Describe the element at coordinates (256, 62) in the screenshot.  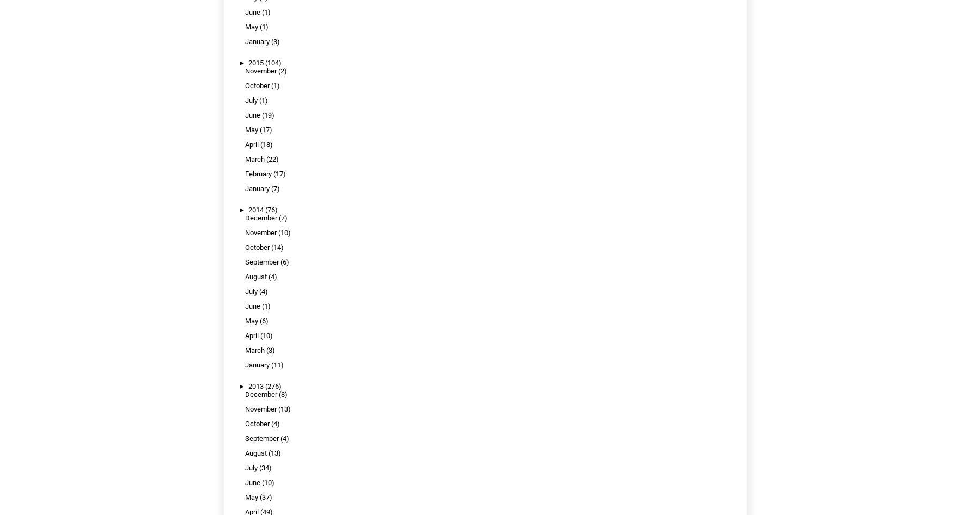
I see `'2015'` at that location.